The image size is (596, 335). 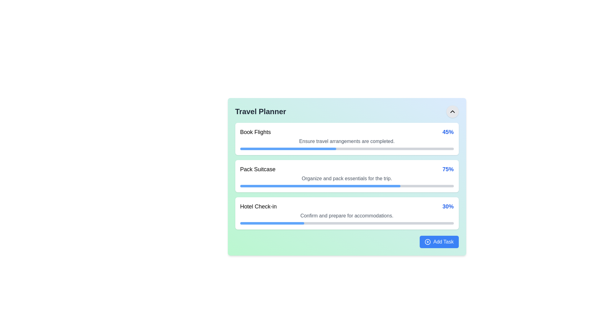 I want to click on the outer circular part of the plus symbol icon within the 'Add Task' button located at the bottom-right corner of the interface, so click(x=427, y=241).